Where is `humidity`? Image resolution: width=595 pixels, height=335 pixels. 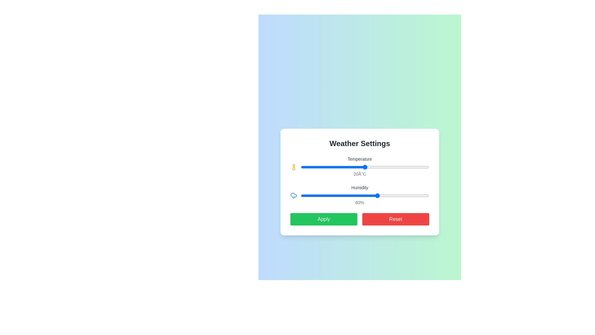 humidity is located at coordinates (403, 196).